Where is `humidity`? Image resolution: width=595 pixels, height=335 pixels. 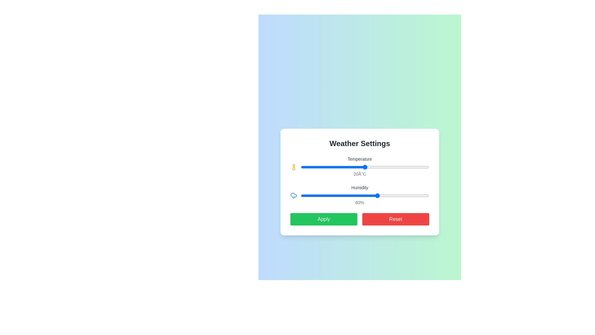 humidity is located at coordinates (403, 196).